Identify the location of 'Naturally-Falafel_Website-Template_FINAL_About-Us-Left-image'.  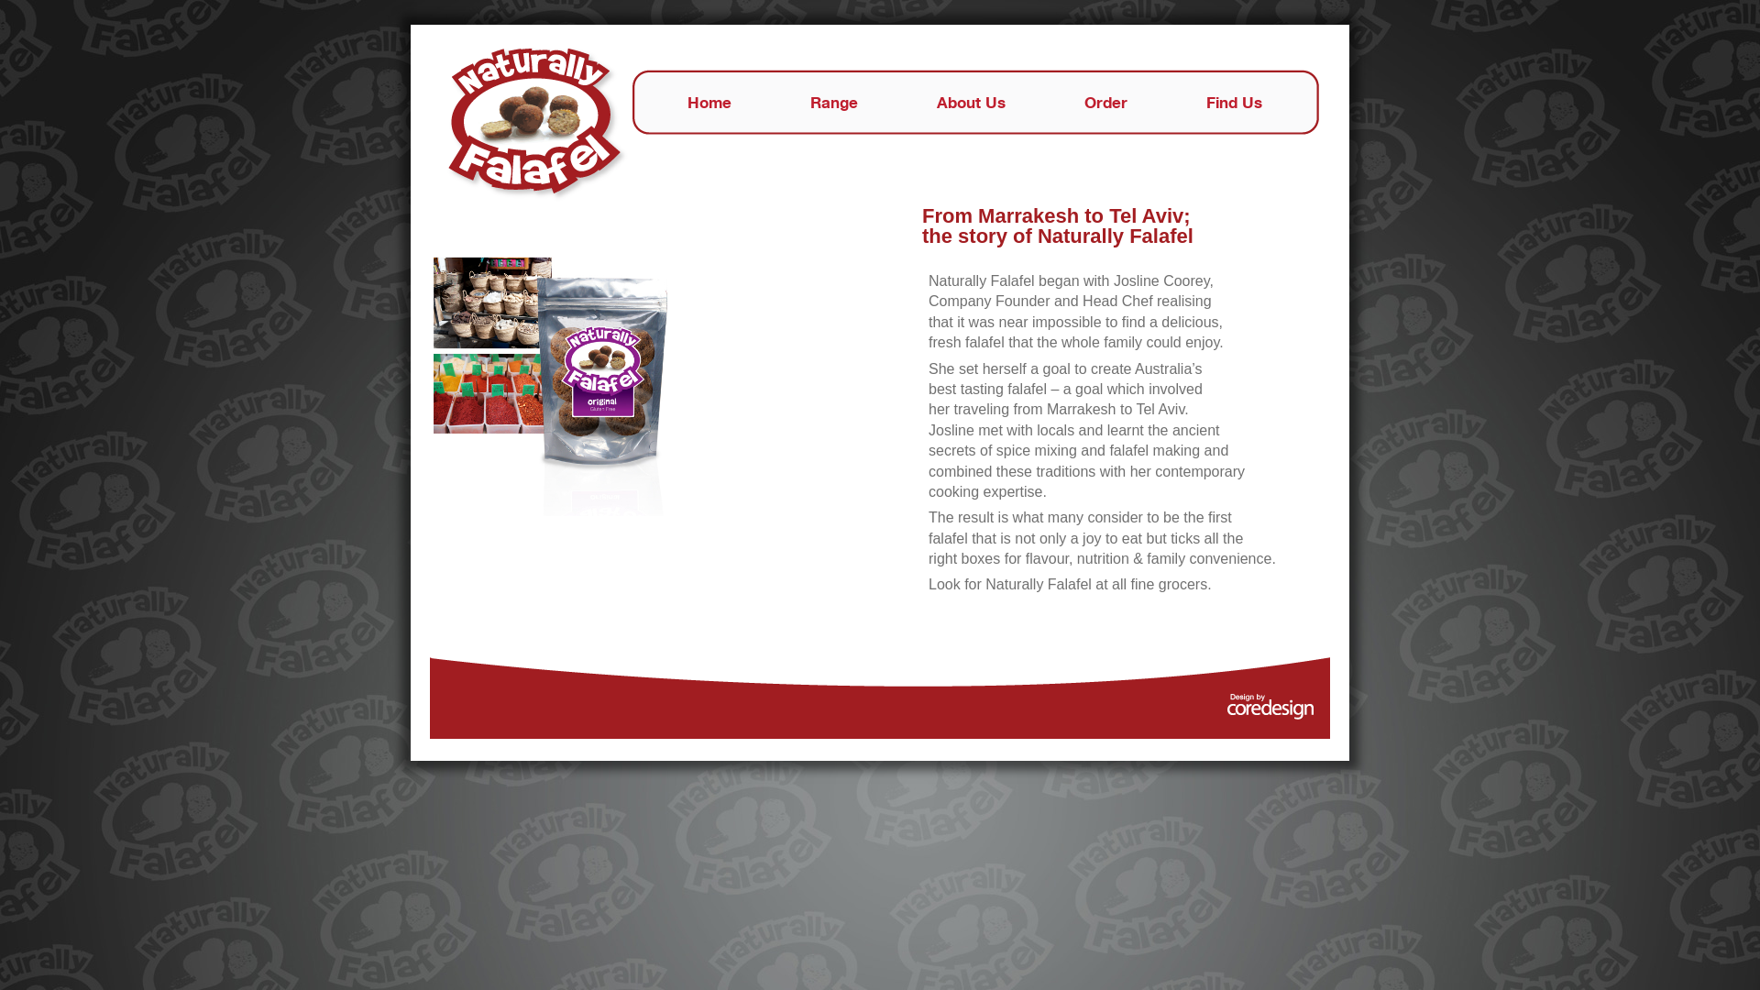
(553, 383).